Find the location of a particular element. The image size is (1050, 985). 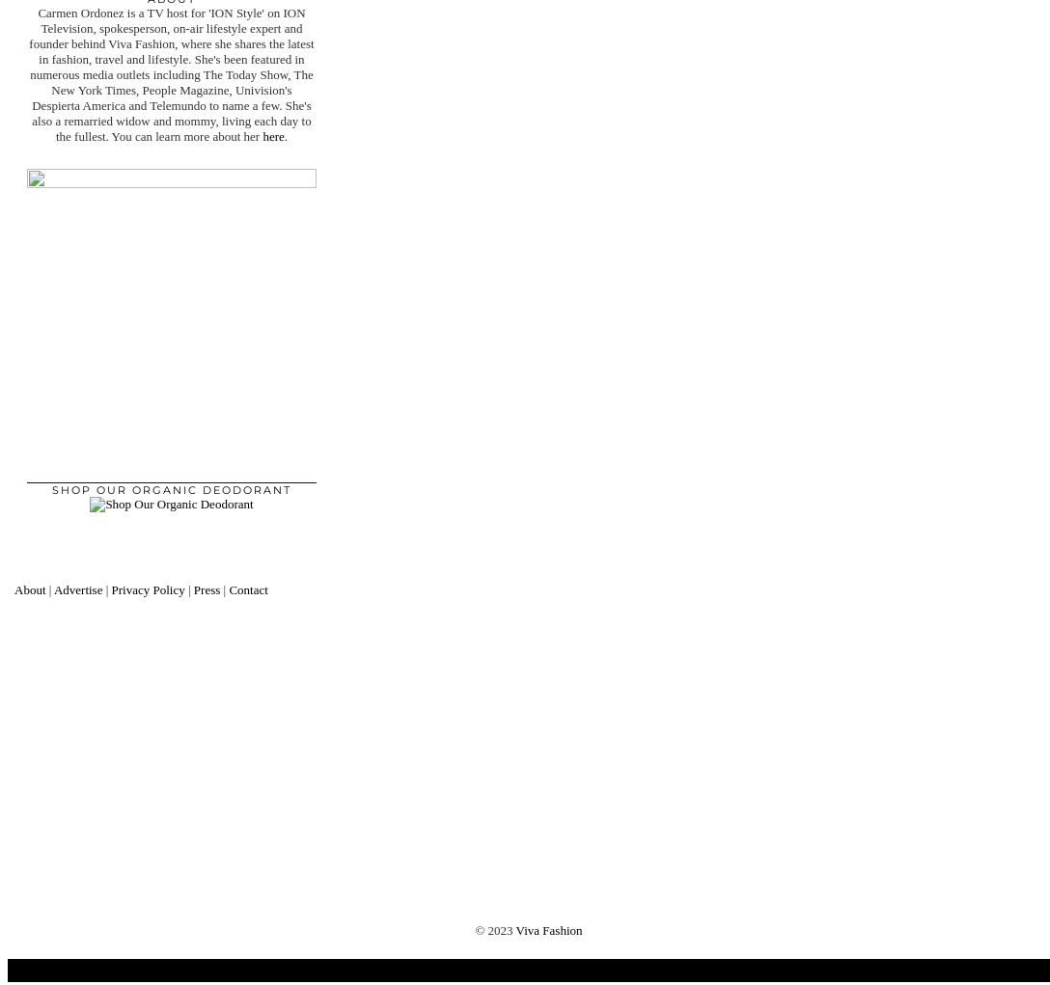

'About' is located at coordinates (14, 588).